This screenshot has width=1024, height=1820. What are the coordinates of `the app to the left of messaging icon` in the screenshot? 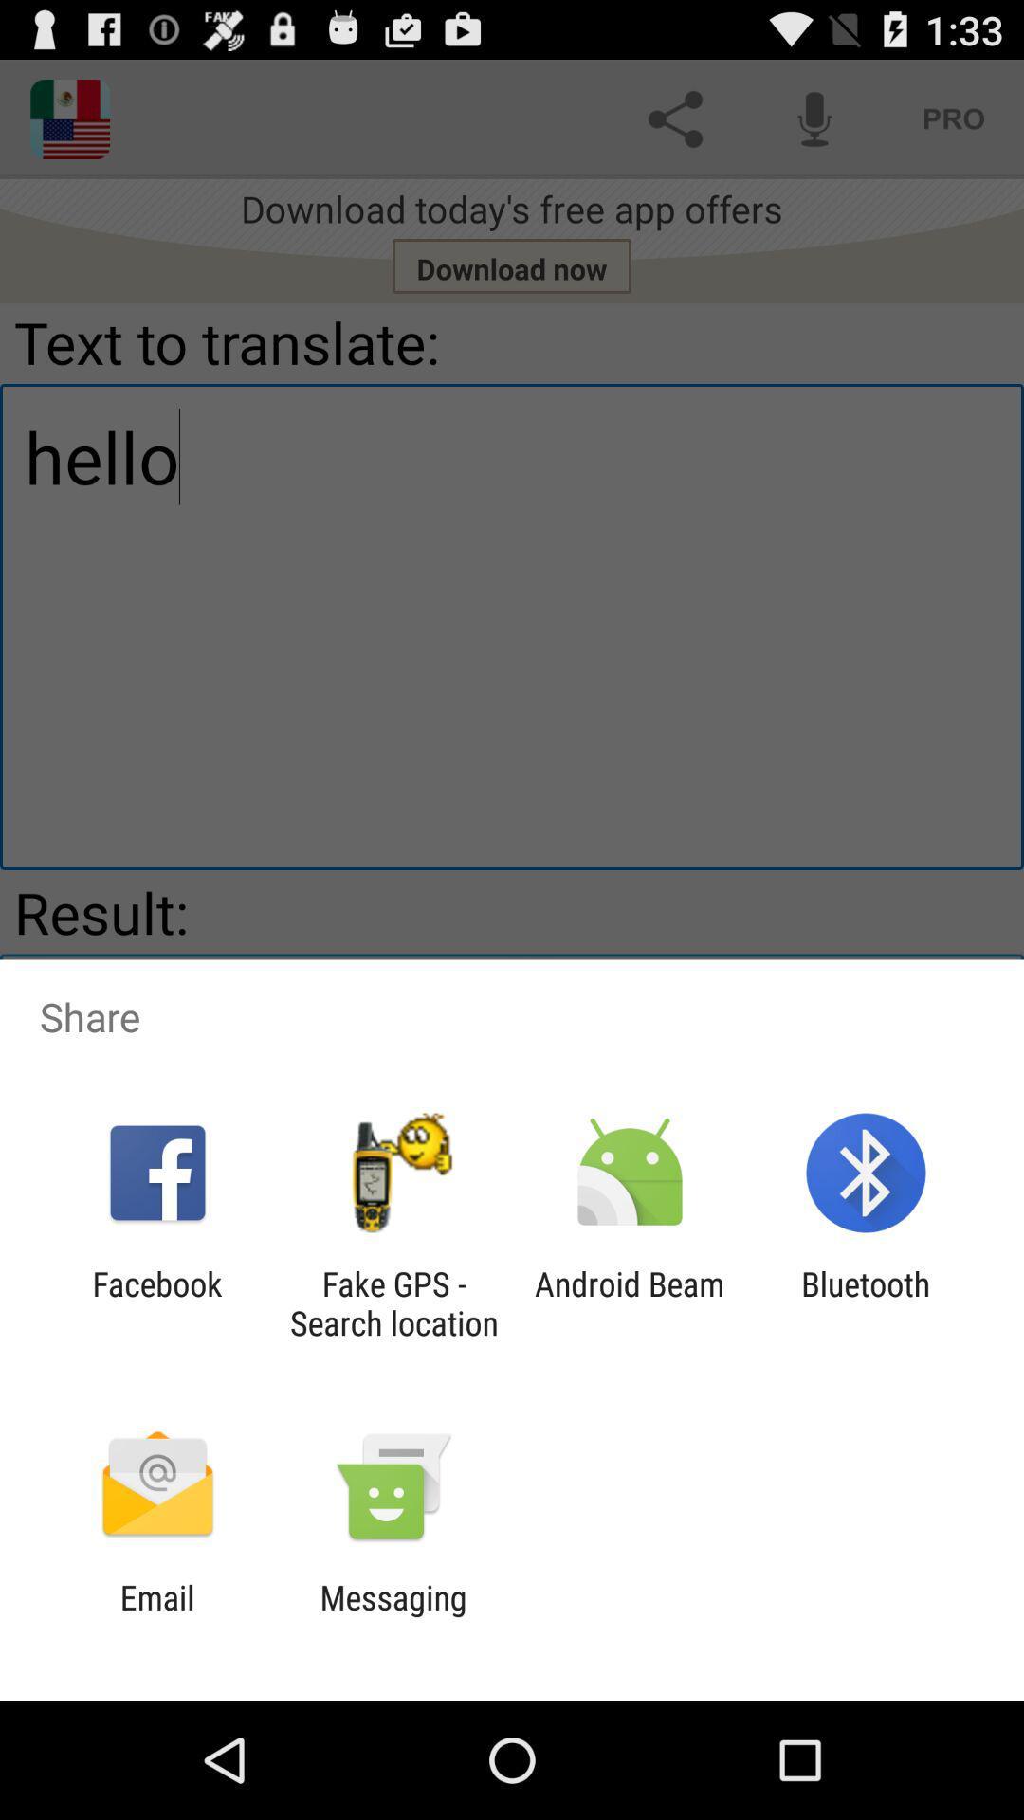 It's located at (156, 1616).